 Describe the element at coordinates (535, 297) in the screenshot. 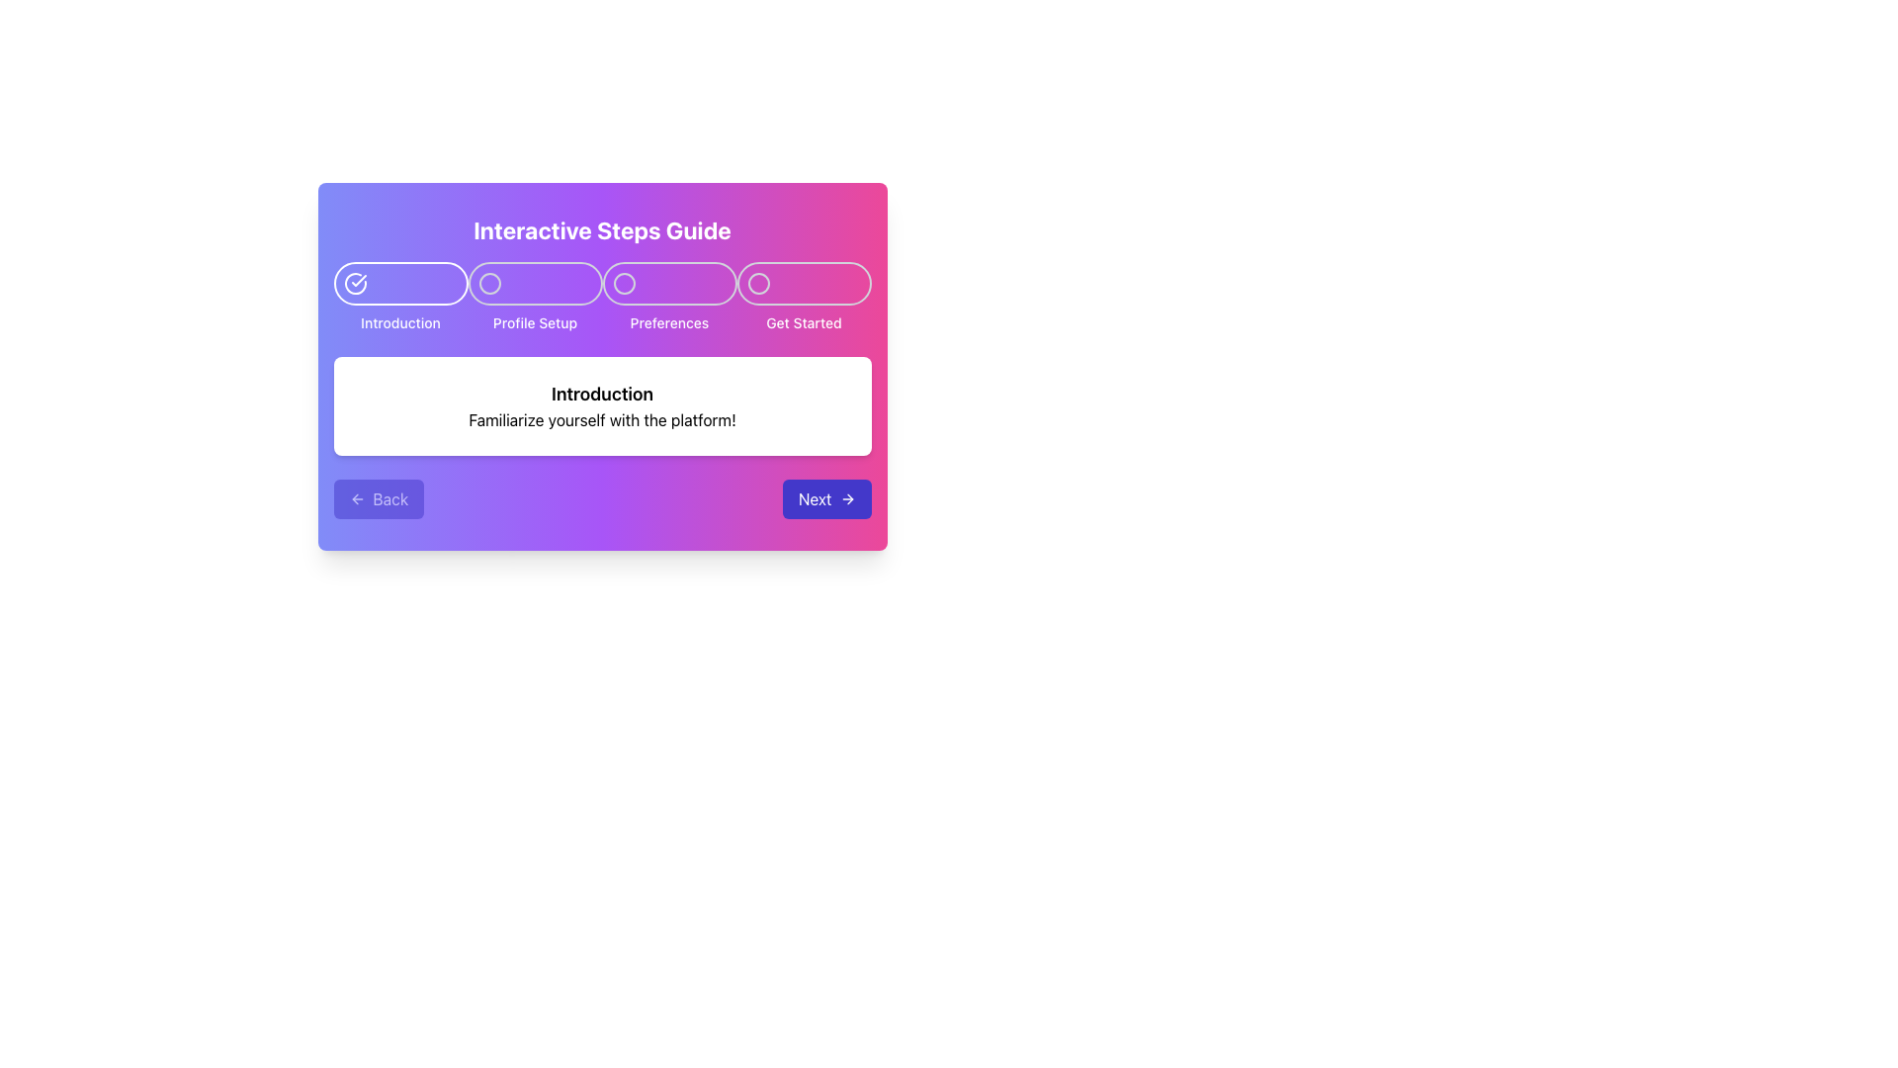

I see `the circular icon button labeled 'Profile Setup' located in the second step of the horizontal navigation bar` at that location.